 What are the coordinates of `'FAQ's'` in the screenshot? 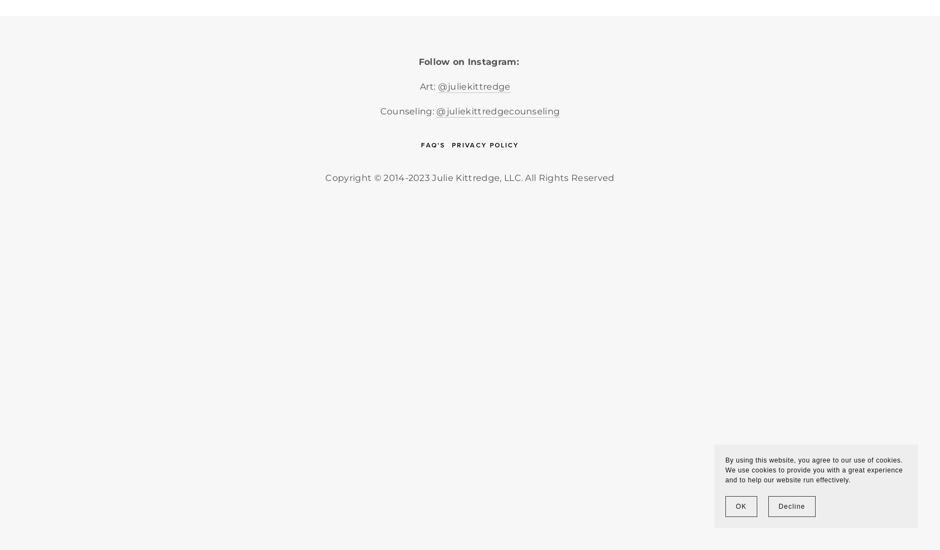 It's located at (421, 145).